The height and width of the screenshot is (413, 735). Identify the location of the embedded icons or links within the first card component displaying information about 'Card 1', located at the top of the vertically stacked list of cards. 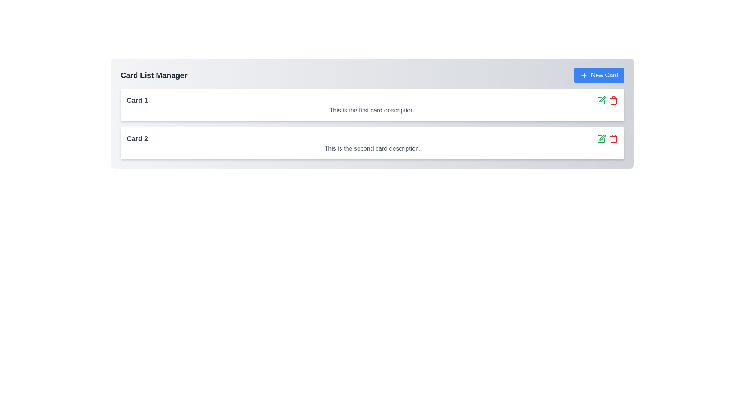
(372, 105).